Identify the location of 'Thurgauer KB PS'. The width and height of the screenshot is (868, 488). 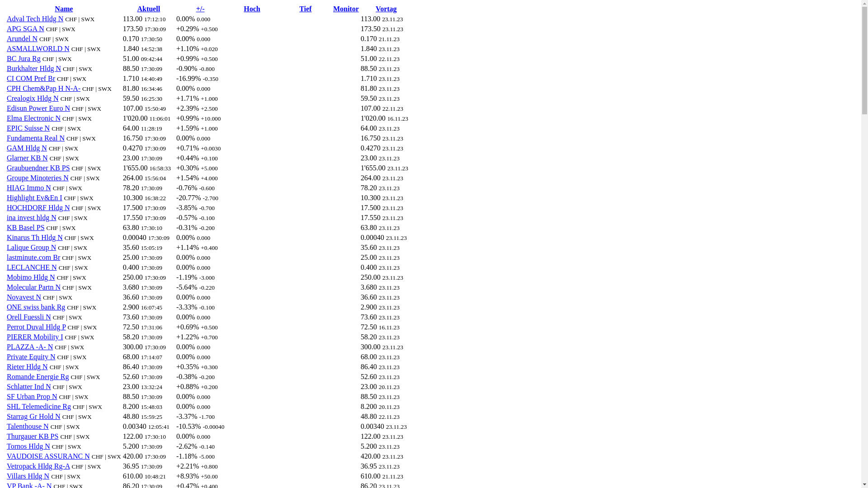
(33, 436).